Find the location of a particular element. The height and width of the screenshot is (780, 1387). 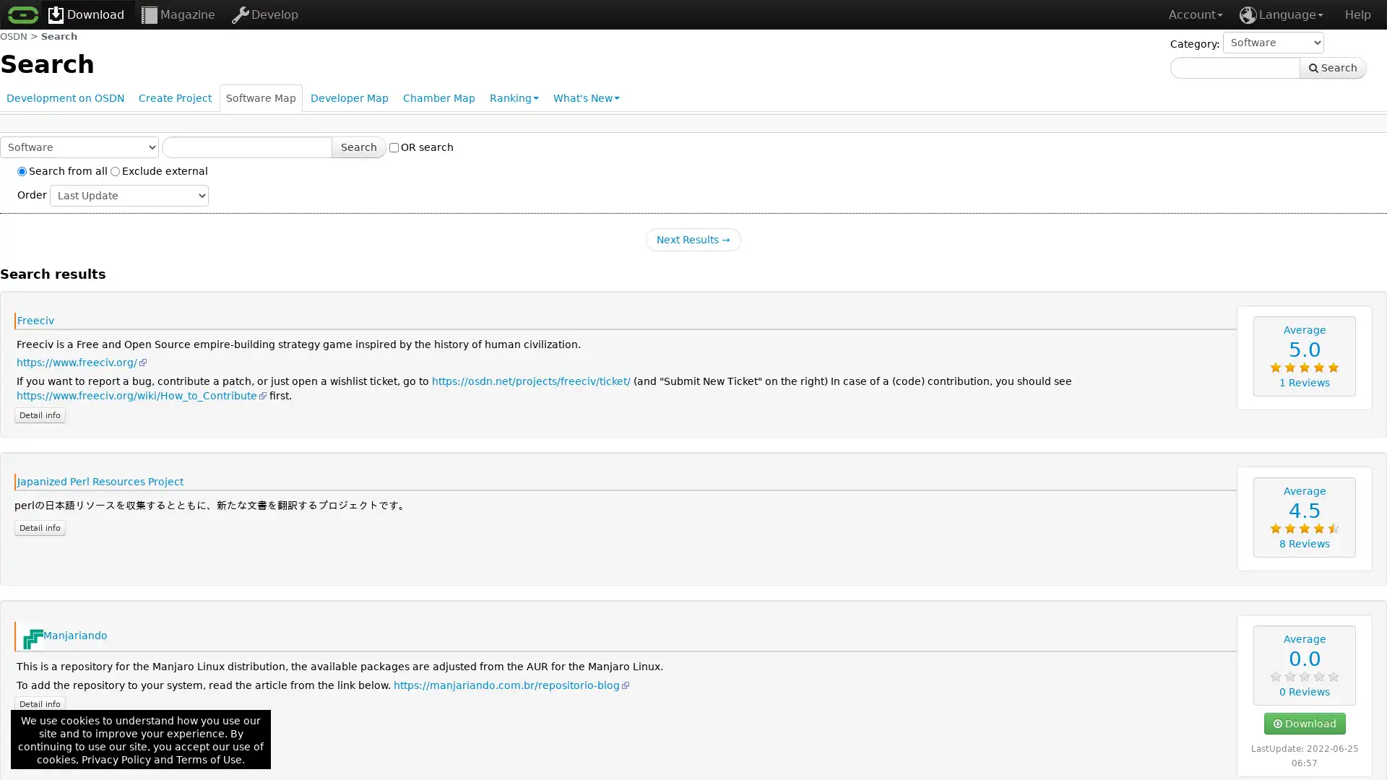

Detail info is located at coordinates (40, 415).